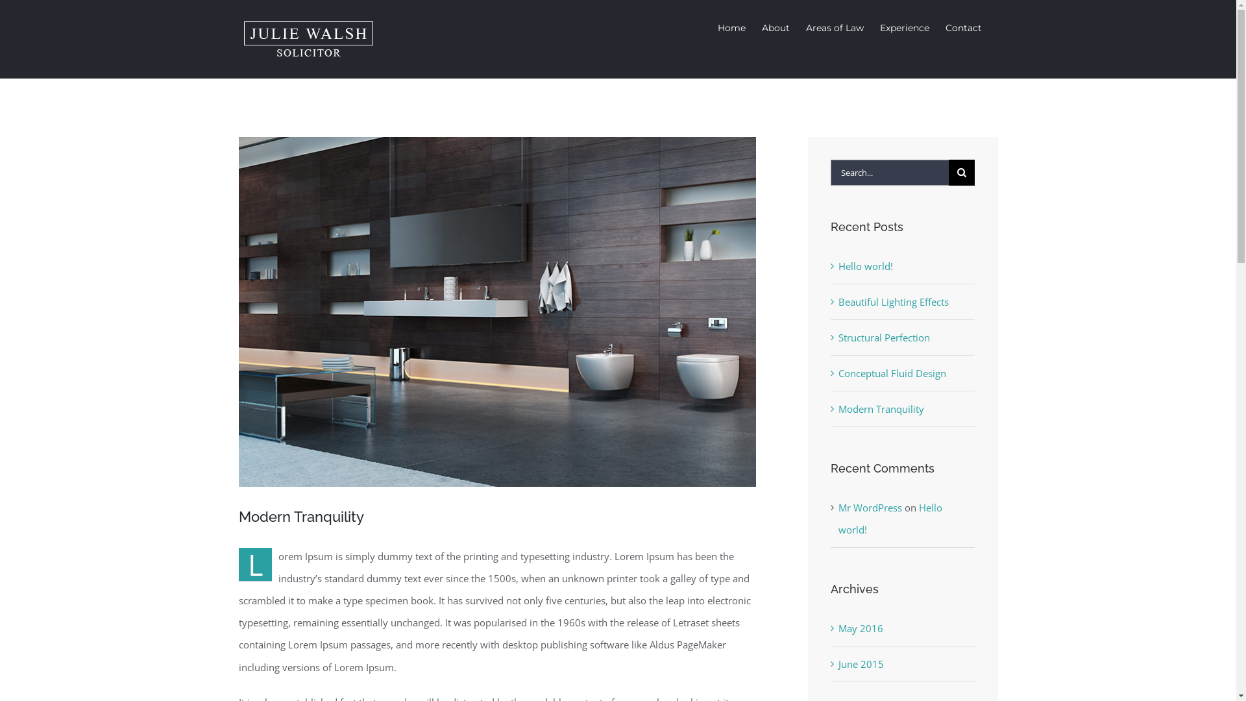 The width and height of the screenshot is (1246, 701). What do you see at coordinates (962, 27) in the screenshot?
I see `'Contact'` at bounding box center [962, 27].